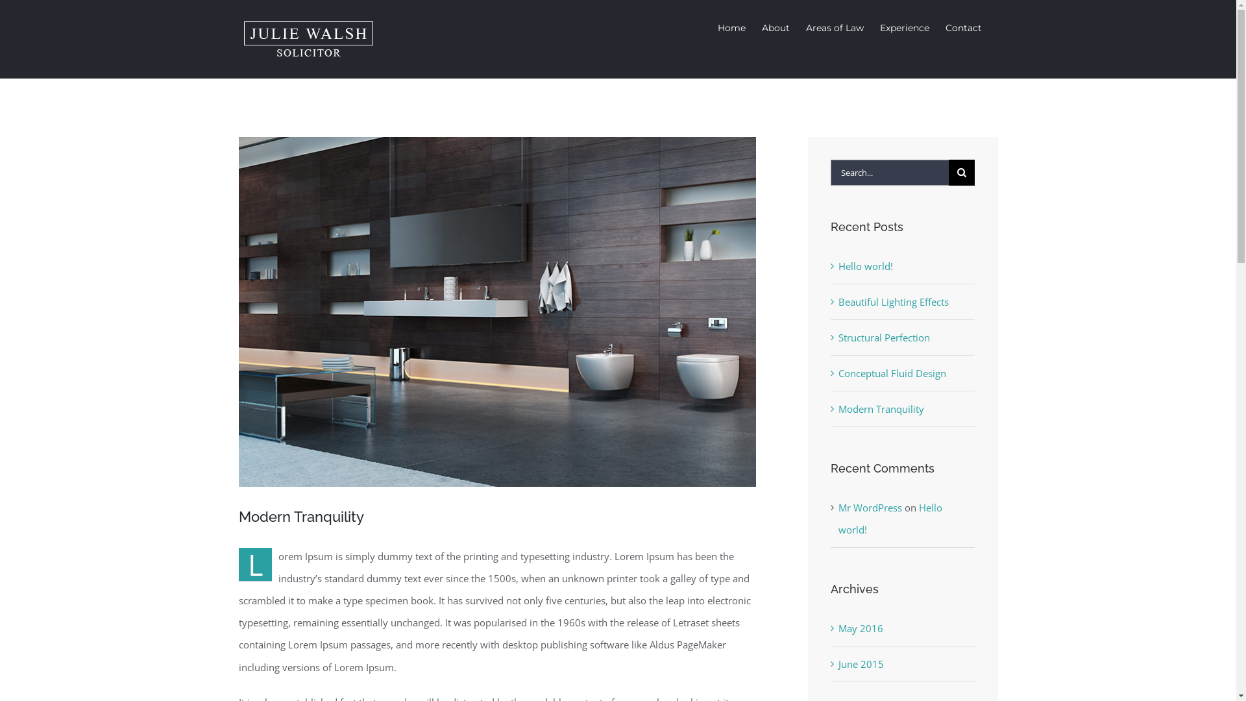 The width and height of the screenshot is (1246, 701). What do you see at coordinates (962, 27) in the screenshot?
I see `'Contact'` at bounding box center [962, 27].